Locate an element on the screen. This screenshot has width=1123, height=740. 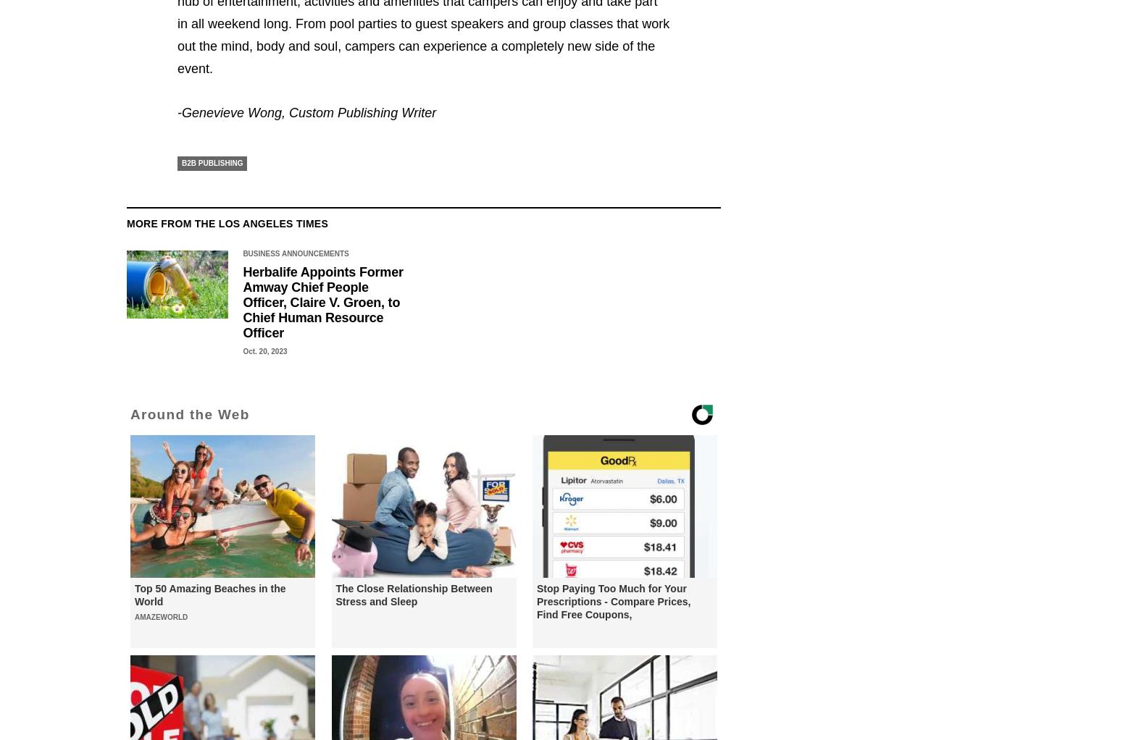
'More From the Los Angeles Times' is located at coordinates (227, 222).